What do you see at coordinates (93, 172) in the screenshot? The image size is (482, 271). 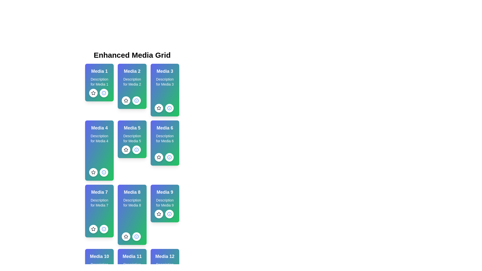 I see `the circular button with a white background and a star icon, which is the first button at the bottom-left corner of the fourth card labeled 'Media 4' in the Enhanced Media Grid layout` at bounding box center [93, 172].